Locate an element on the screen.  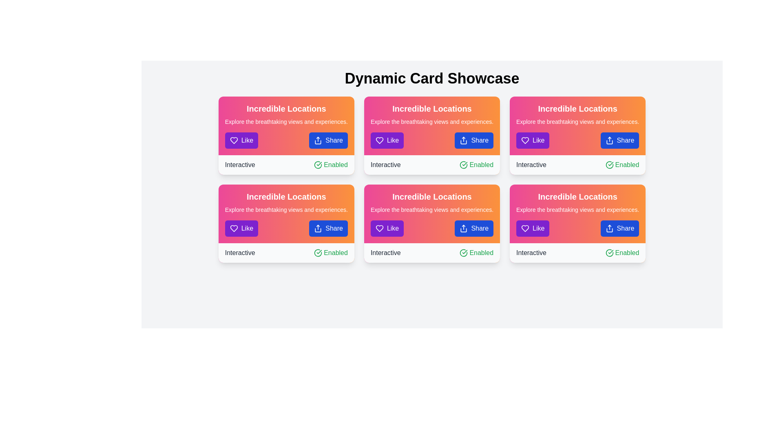
the text label that states 'Explore the breathtaking views and experiences.' which is located under the title 'Incredible Locations' in the lower-right section of the interface is located at coordinates (577, 209).